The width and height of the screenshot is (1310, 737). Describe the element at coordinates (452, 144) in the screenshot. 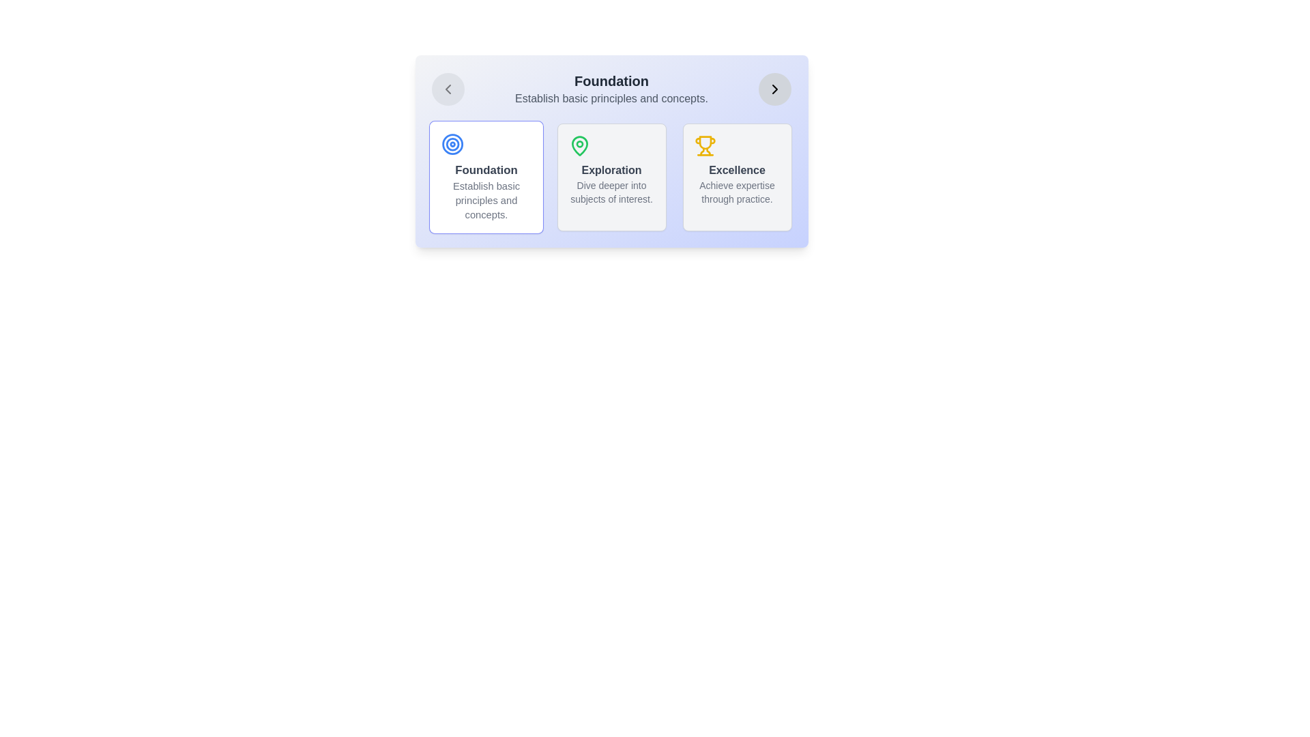

I see `the first icon in the 'Foundation' card layout, positioned above the title text 'Foundation' for interaction` at that location.